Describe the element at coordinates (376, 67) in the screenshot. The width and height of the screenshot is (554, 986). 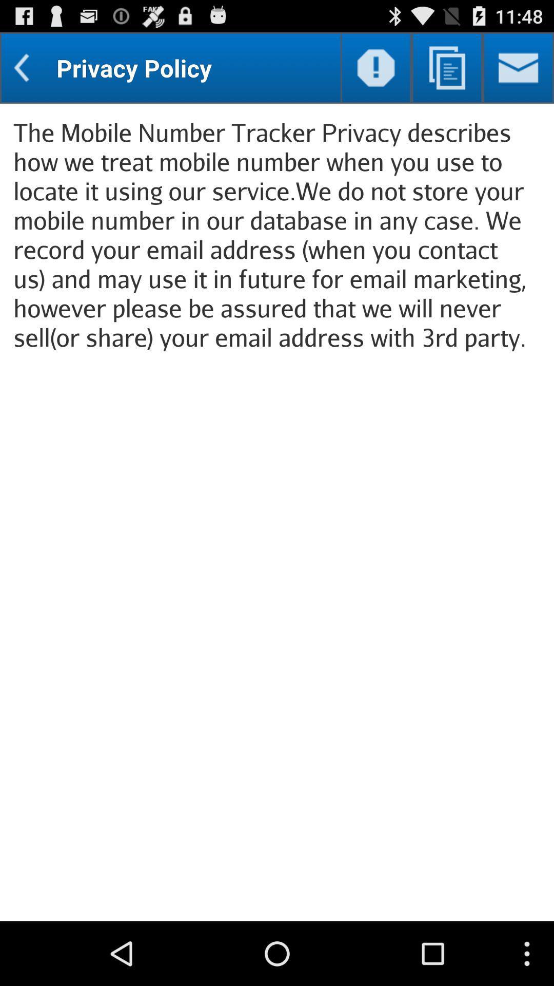
I see `icon to the right of privacy policy item` at that location.